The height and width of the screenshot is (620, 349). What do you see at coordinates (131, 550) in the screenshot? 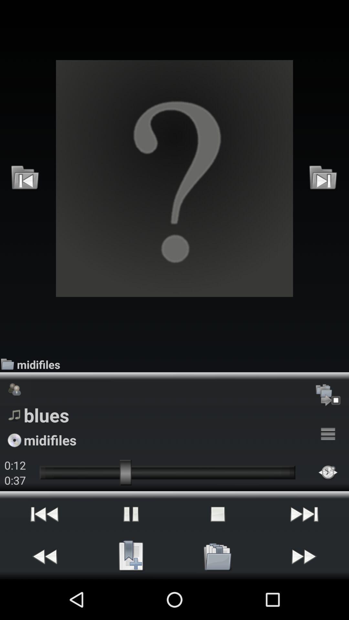
I see `the pause icon` at bounding box center [131, 550].